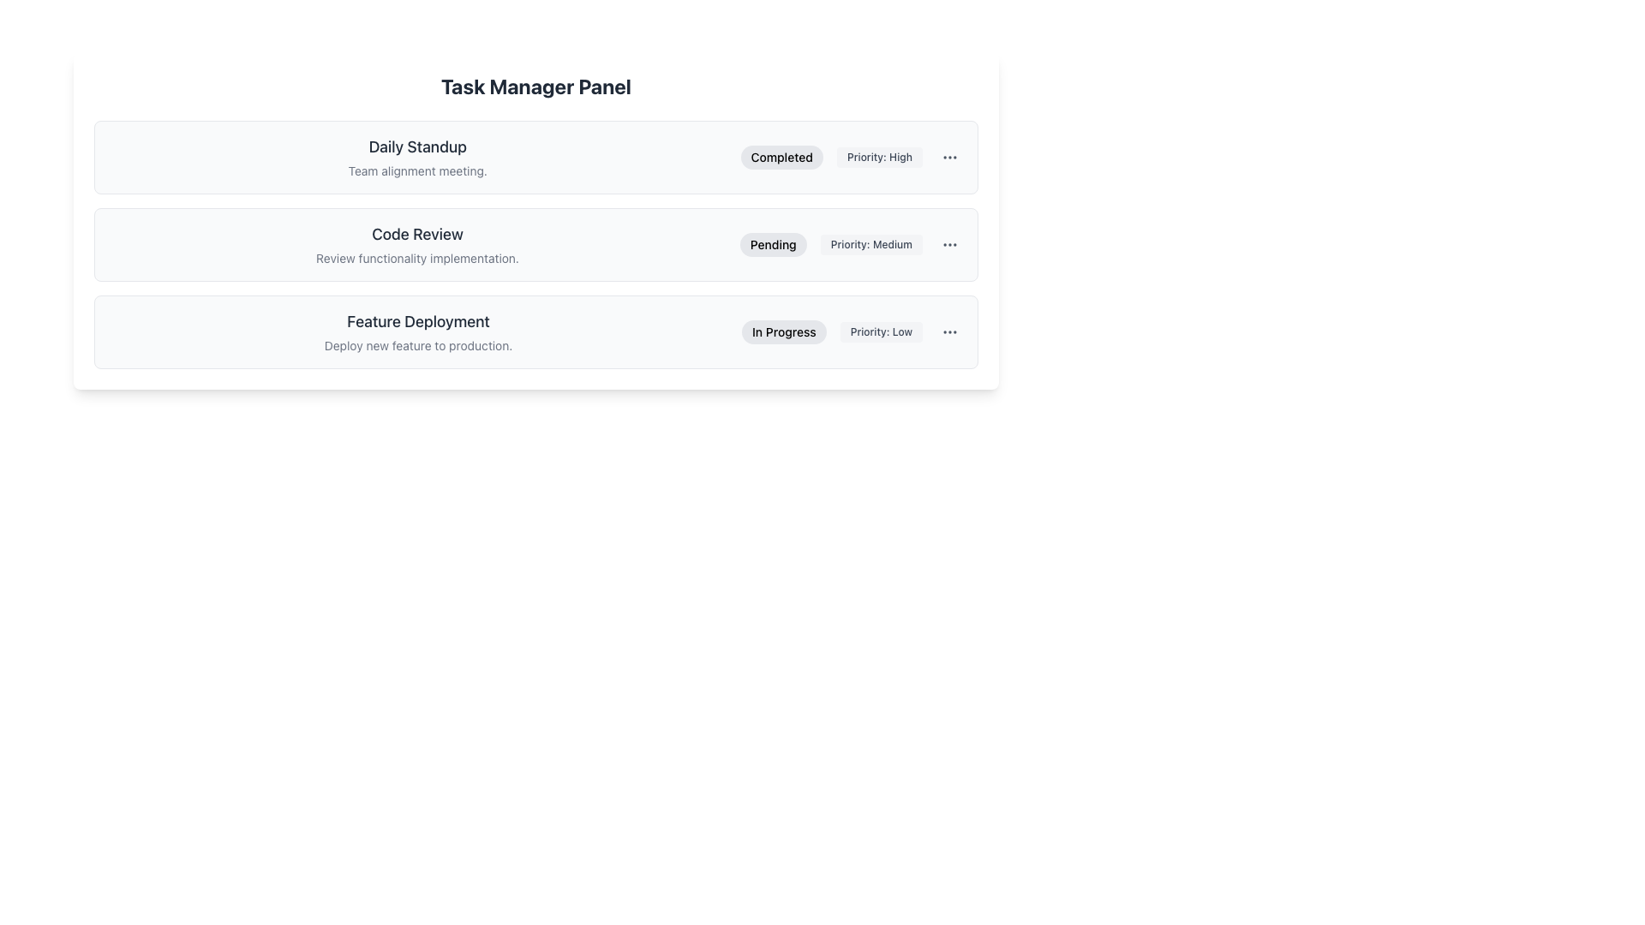 Image resolution: width=1645 pixels, height=925 pixels. What do you see at coordinates (418, 346) in the screenshot?
I see `the text element that reads 'Deploy new feature to production.' located beneath the heading 'Feature Deployment' in the task list` at bounding box center [418, 346].